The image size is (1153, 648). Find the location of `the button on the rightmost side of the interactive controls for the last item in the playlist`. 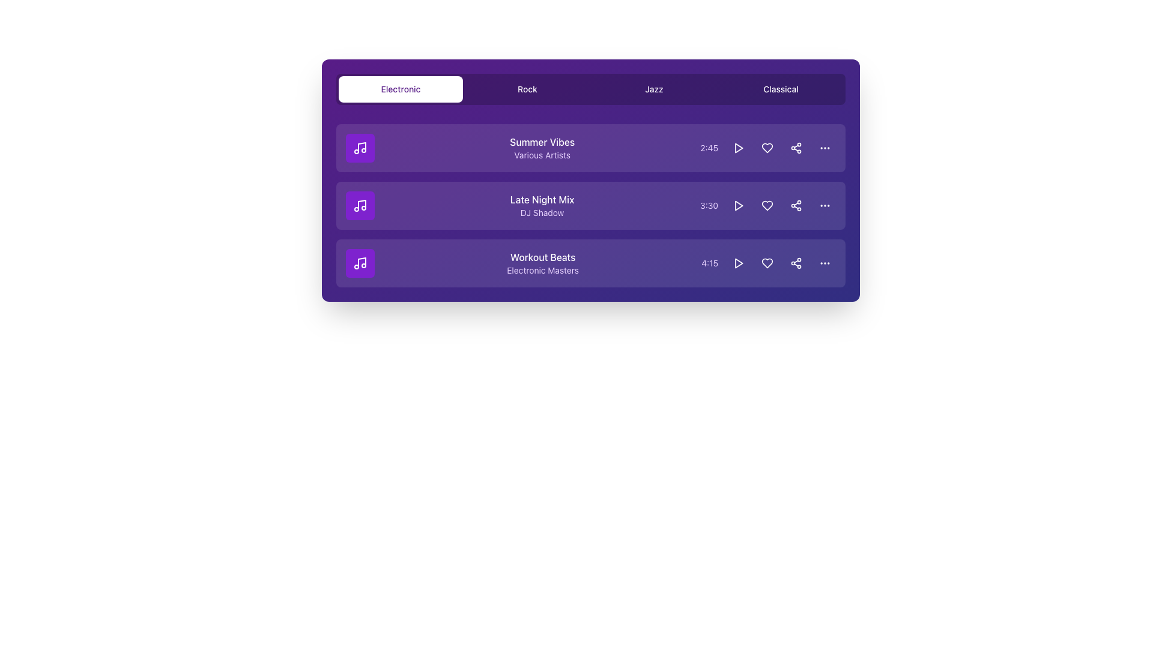

the button on the rightmost side of the interactive controls for the last item in the playlist is located at coordinates (824, 263).